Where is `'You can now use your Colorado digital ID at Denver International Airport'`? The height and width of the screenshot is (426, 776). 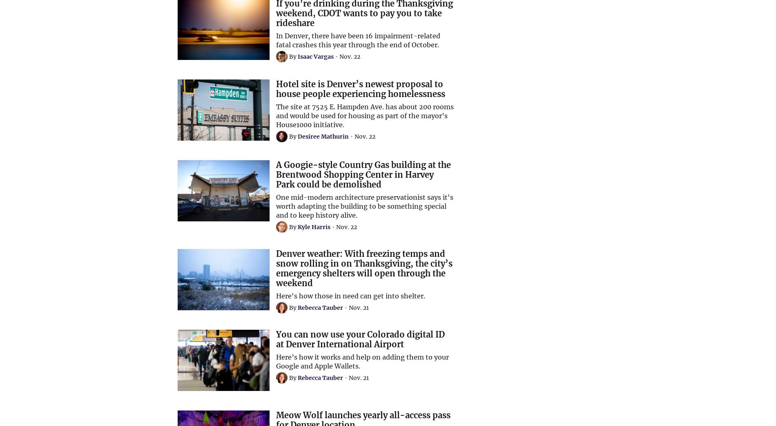 'You can now use your Colorado digital ID at Denver International Airport' is located at coordinates (360, 339).